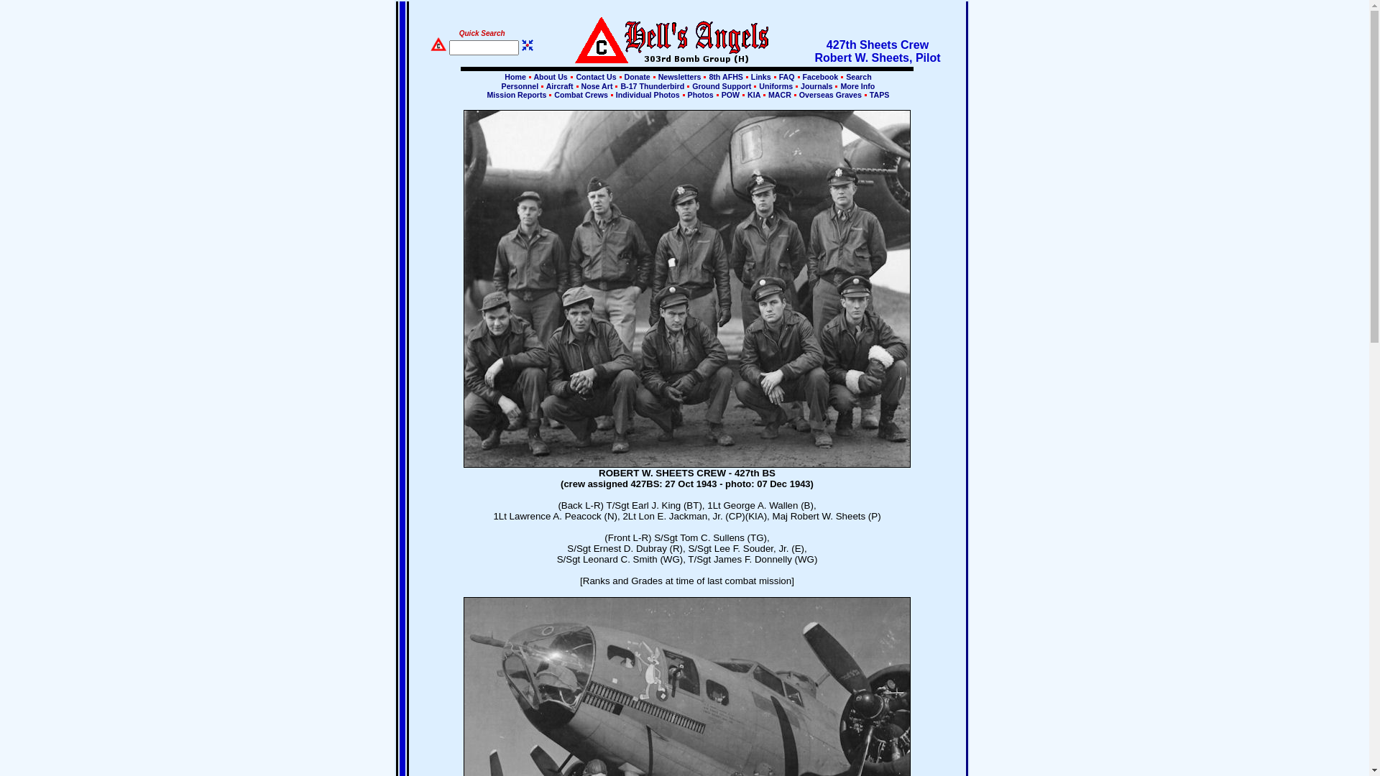 Image resolution: width=1380 pixels, height=776 pixels. I want to click on 'More Info', so click(856, 86).